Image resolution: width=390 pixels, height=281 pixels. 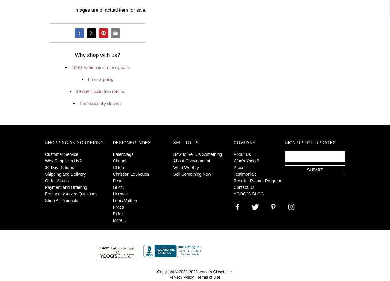 I want to click on 'Prada', so click(x=118, y=207).